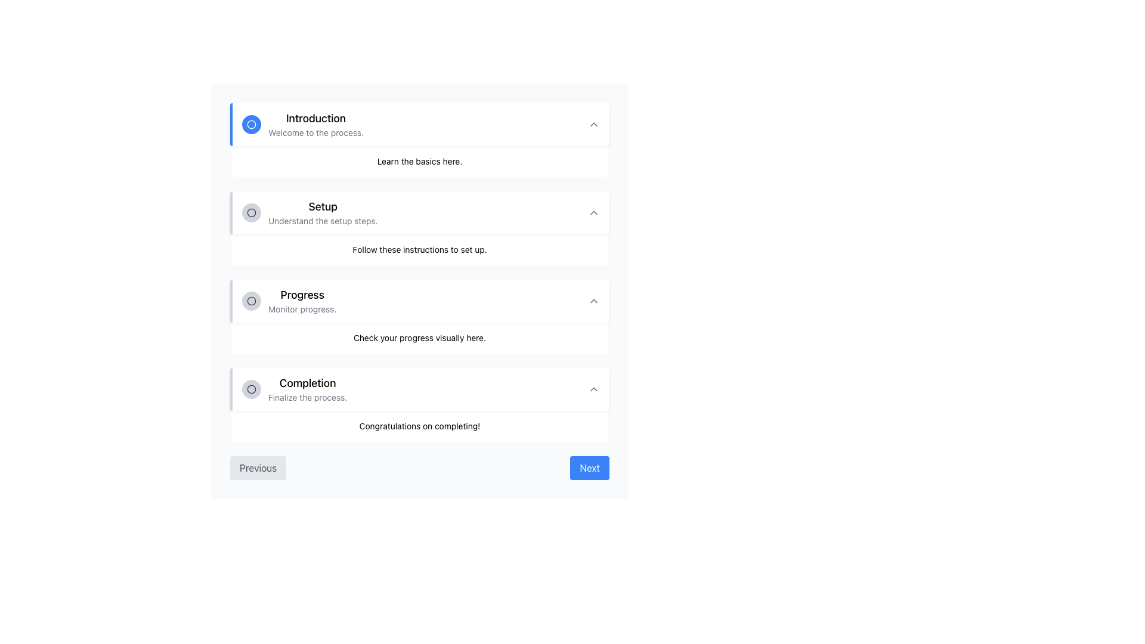 The image size is (1145, 644). Describe the element at coordinates (251, 124) in the screenshot. I see `the small circular icon with a blue background and white outline, which is the first icon to the left of the 'Introduction' text` at that location.